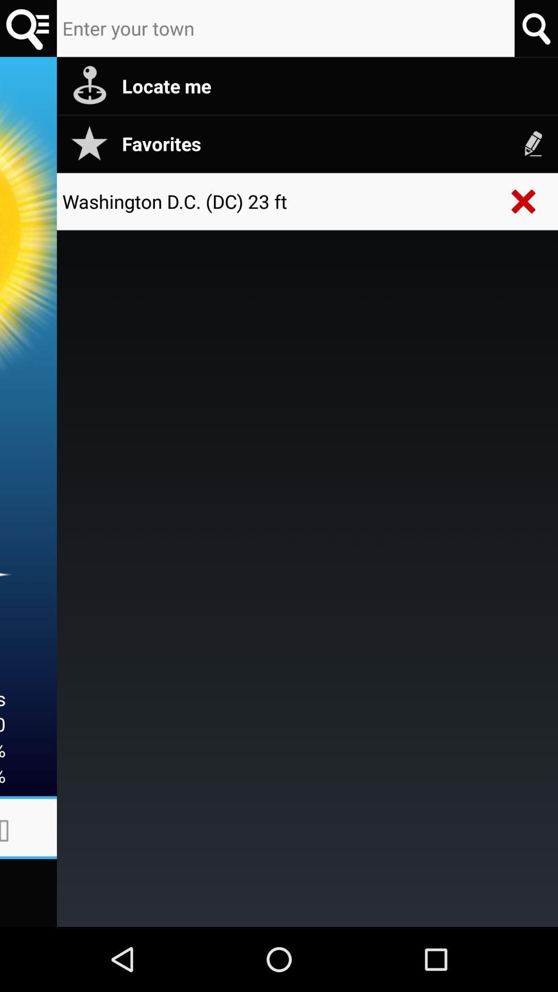  What do you see at coordinates (286, 28) in the screenshot?
I see `name of town` at bounding box center [286, 28].